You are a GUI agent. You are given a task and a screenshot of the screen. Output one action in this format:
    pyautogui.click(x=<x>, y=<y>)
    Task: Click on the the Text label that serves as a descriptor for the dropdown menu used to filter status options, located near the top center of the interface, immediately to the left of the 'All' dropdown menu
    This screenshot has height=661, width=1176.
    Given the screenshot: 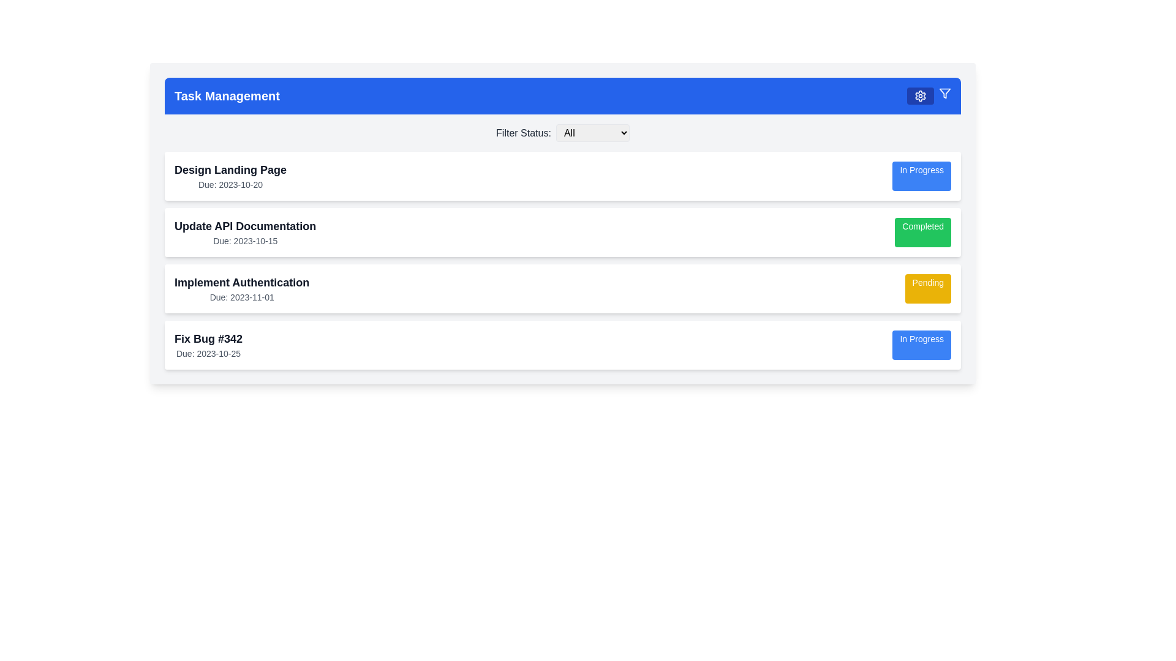 What is the action you would take?
    pyautogui.click(x=523, y=133)
    